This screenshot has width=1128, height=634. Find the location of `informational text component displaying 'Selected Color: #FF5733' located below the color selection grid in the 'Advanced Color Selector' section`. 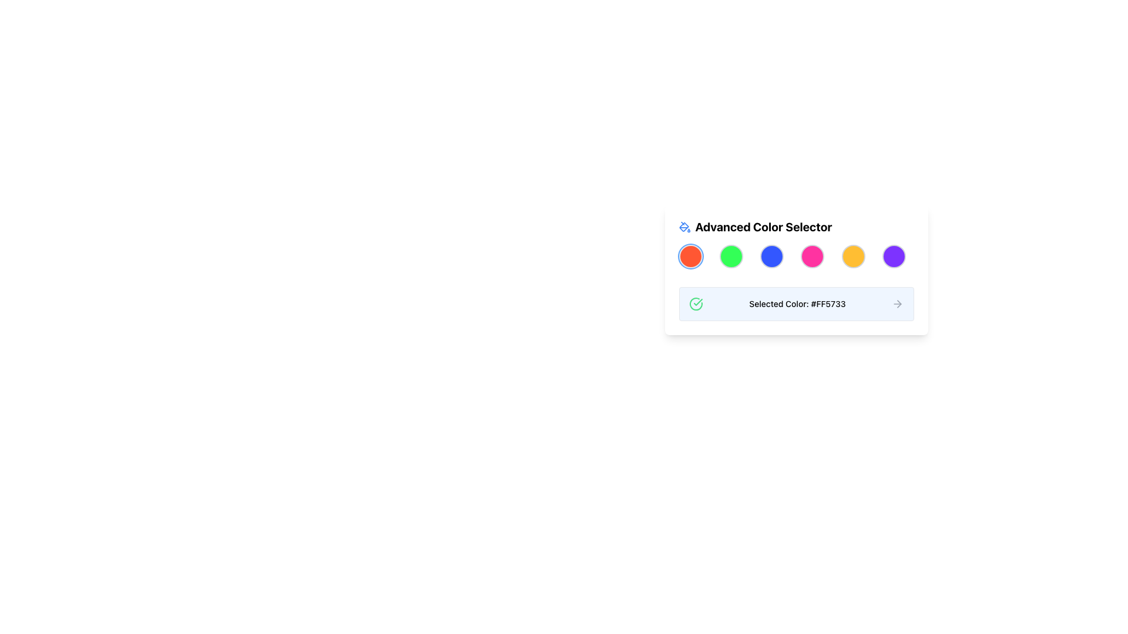

informational text component displaying 'Selected Color: #FF5733' located below the color selection grid in the 'Advanced Color Selector' section is located at coordinates (796, 303).